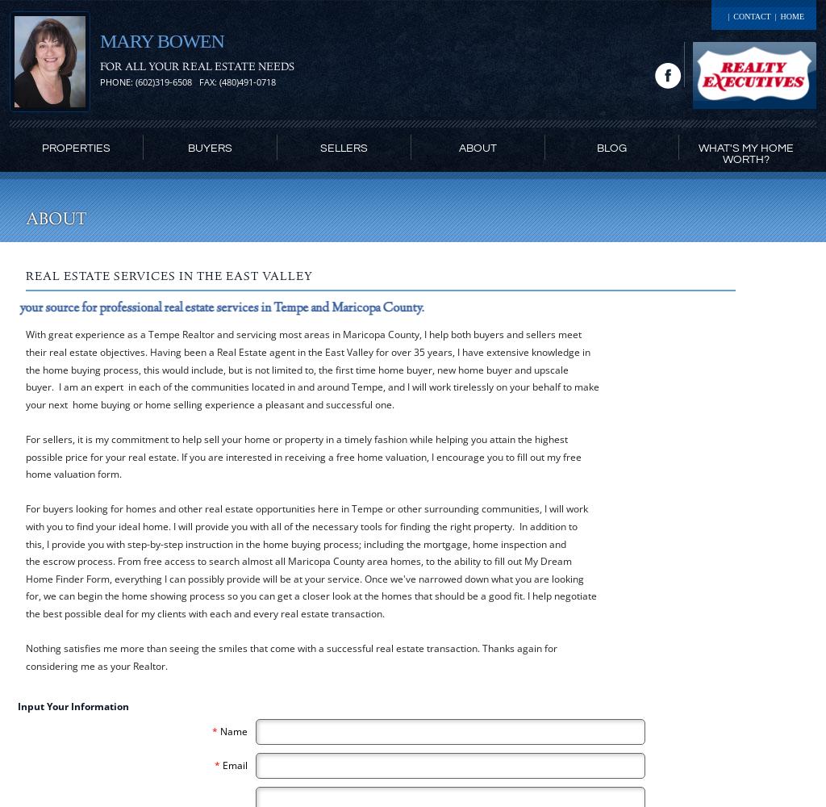  What do you see at coordinates (343, 148) in the screenshot?
I see `'Sellers'` at bounding box center [343, 148].